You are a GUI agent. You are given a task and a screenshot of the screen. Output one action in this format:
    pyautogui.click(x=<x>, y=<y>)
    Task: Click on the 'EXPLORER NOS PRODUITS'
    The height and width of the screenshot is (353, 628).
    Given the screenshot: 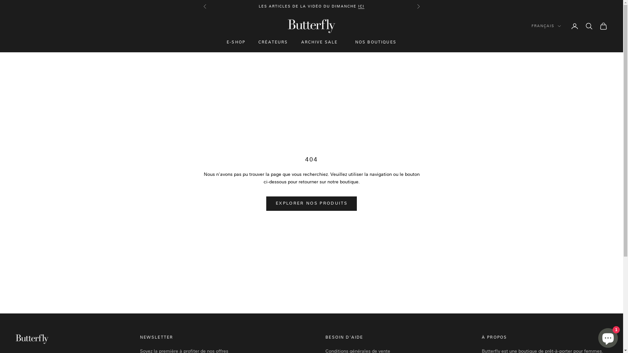 What is the action you would take?
    pyautogui.click(x=311, y=203)
    